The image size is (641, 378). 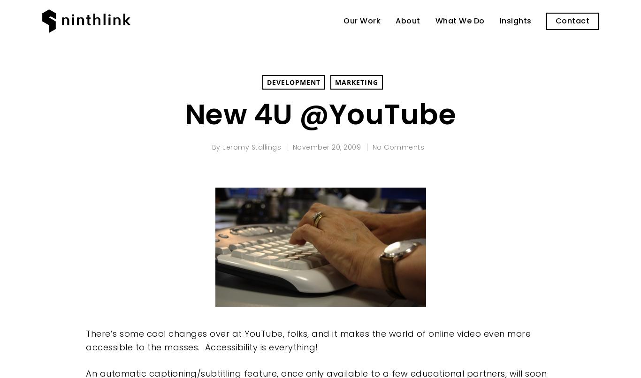 What do you see at coordinates (308, 340) in the screenshot?
I see `'There’s some cool changes over at YouTube, folks, and it makes the world of online video even more accessible to the masses.  Accessibility is everything!'` at bounding box center [308, 340].